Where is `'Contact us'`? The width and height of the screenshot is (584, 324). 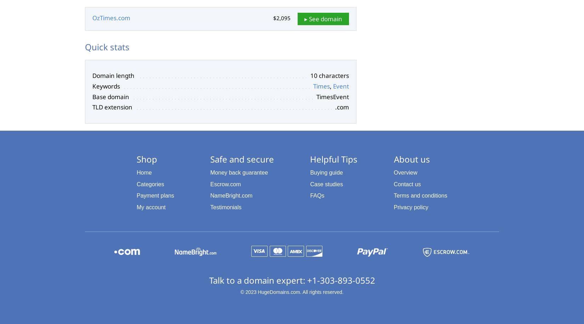
'Contact us' is located at coordinates (407, 184).